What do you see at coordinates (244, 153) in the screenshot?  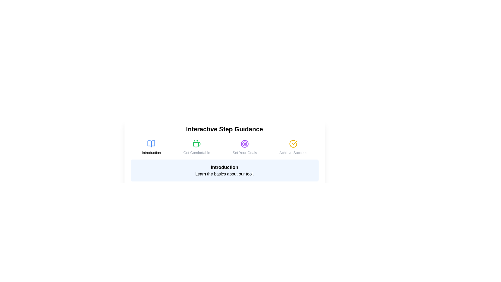 I see `the text label reading 'Set Your Goals', which is centrally aligned below a purple target icon and between the labels 'Get Comfortable' and 'Achieve Success'` at bounding box center [244, 153].